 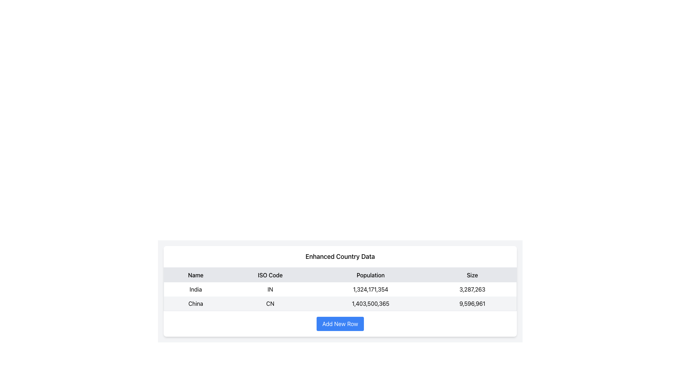 I want to click on the rightmost cell in the second row of the table displaying the text '9,596,961' to highlight it, so click(x=472, y=304).